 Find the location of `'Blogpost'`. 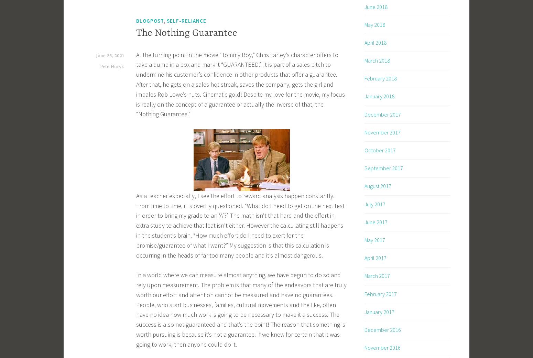

'Blogpost' is located at coordinates (136, 20).